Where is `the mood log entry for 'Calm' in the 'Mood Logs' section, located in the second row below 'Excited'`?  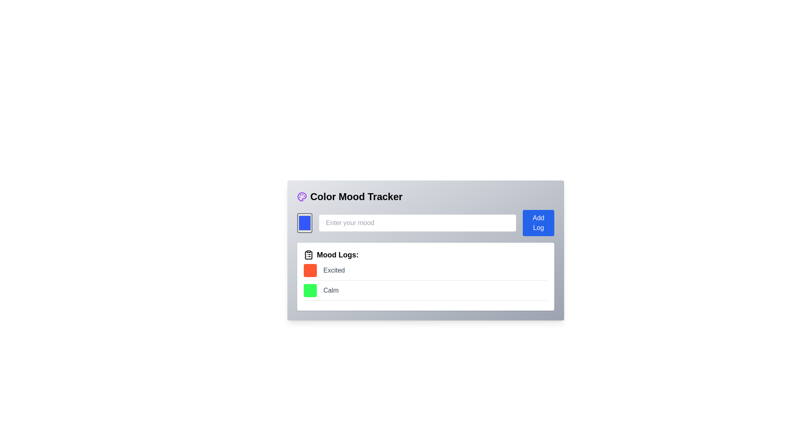
the mood log entry for 'Calm' in the 'Mood Logs' section, located in the second row below 'Excited' is located at coordinates (426, 291).